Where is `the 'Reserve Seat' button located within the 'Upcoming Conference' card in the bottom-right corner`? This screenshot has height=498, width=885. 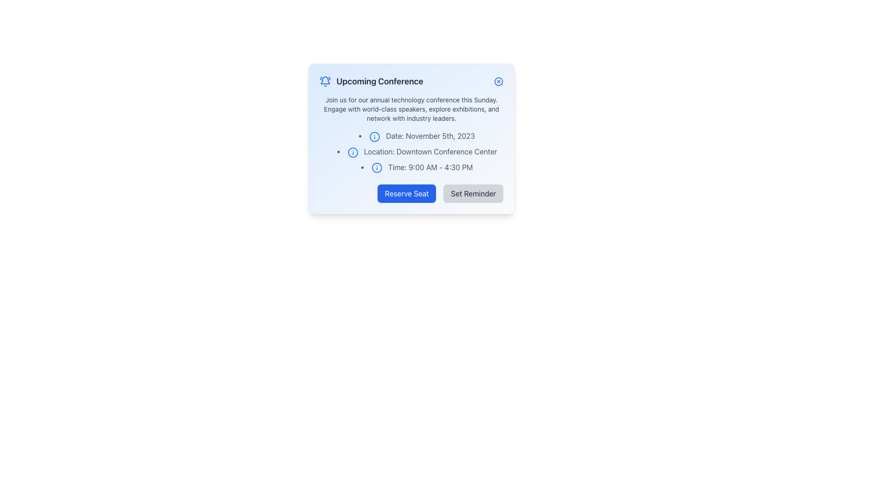 the 'Reserve Seat' button located within the 'Upcoming Conference' card in the bottom-right corner is located at coordinates (411, 193).